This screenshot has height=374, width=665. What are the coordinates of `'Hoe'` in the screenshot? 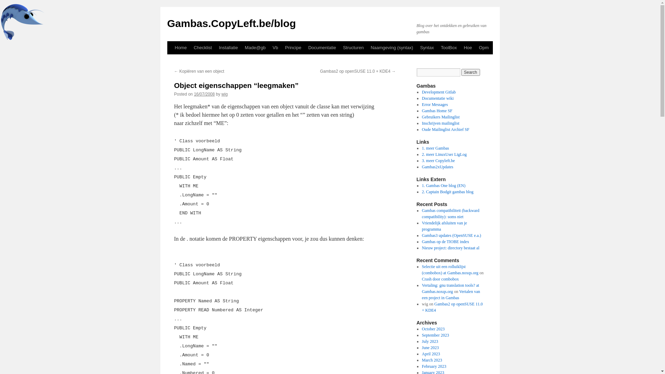 It's located at (460, 47).